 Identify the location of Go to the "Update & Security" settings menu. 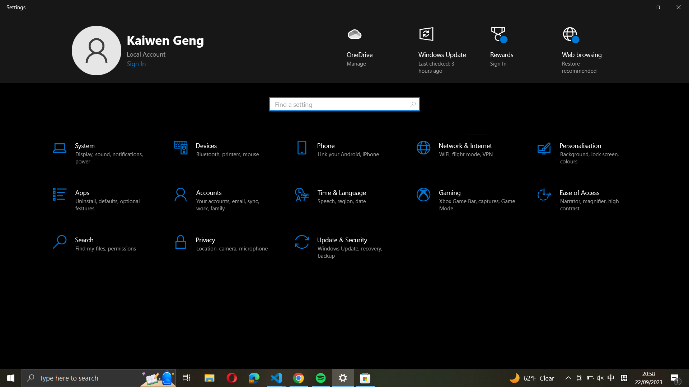
(345, 245).